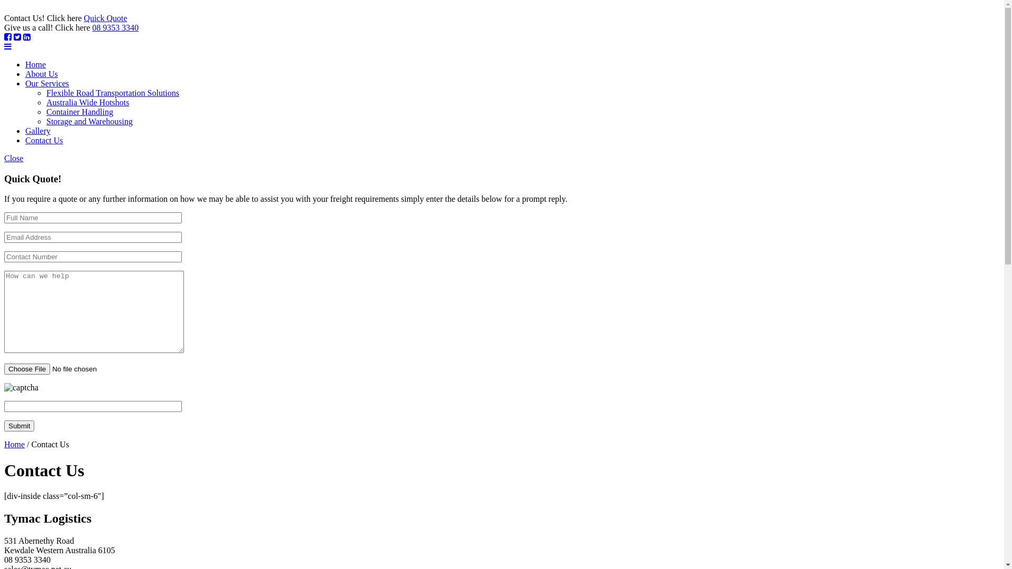 The width and height of the screenshot is (1012, 569). What do you see at coordinates (19, 425) in the screenshot?
I see `'Submit'` at bounding box center [19, 425].